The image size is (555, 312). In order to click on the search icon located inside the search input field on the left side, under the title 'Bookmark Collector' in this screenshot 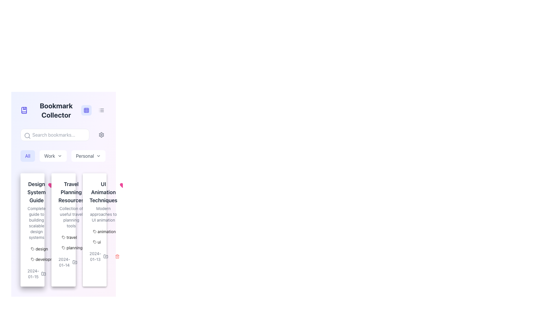, I will do `click(27, 136)`.